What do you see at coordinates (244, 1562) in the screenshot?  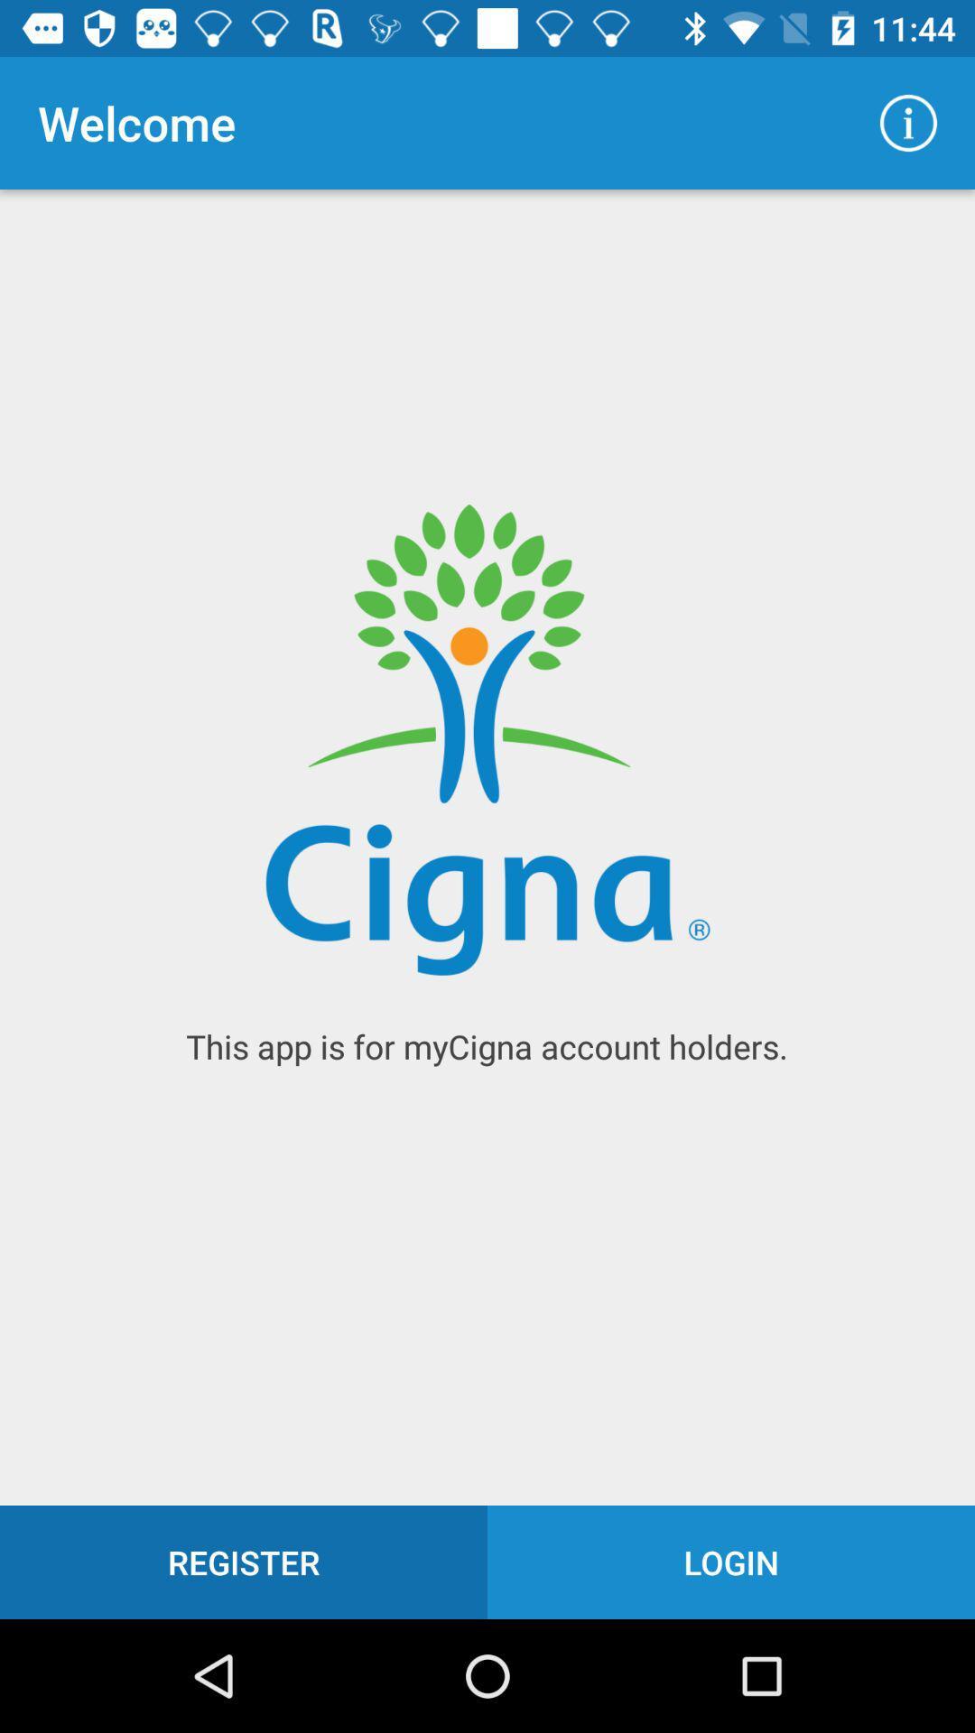 I see `the icon at the bottom left corner` at bounding box center [244, 1562].